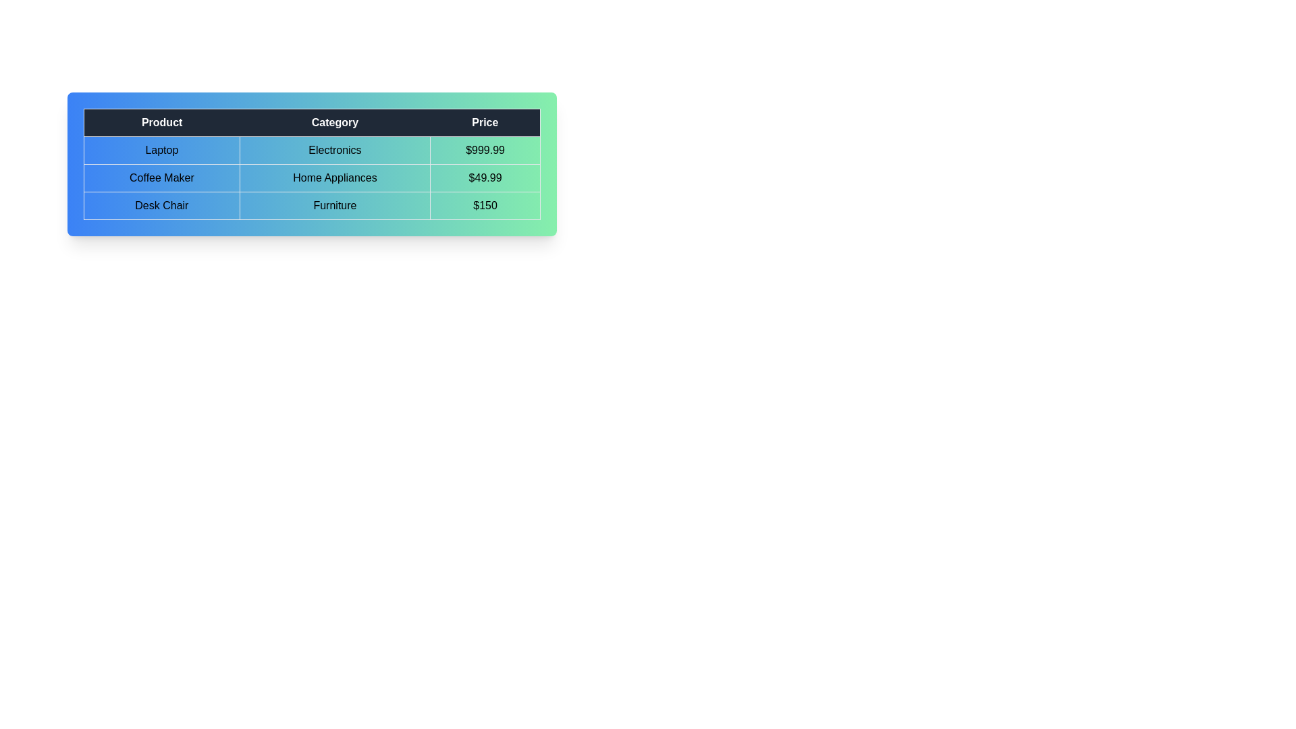  Describe the element at coordinates (485, 177) in the screenshot. I see `the price information text element for the Coffee Maker in the second row of the table, located in the rightmost column under the 'Price' header` at that location.